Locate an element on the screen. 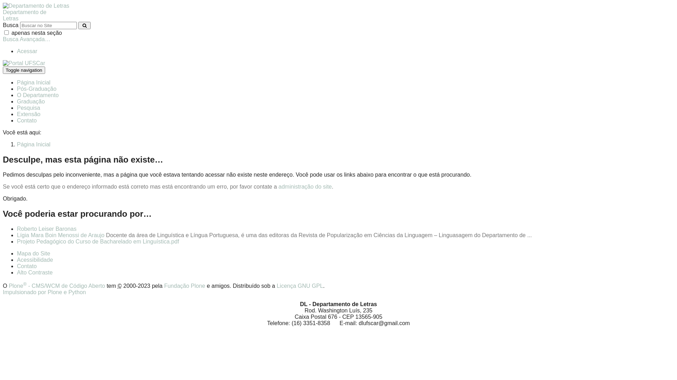  'Acessibilidade' is located at coordinates (35, 260).